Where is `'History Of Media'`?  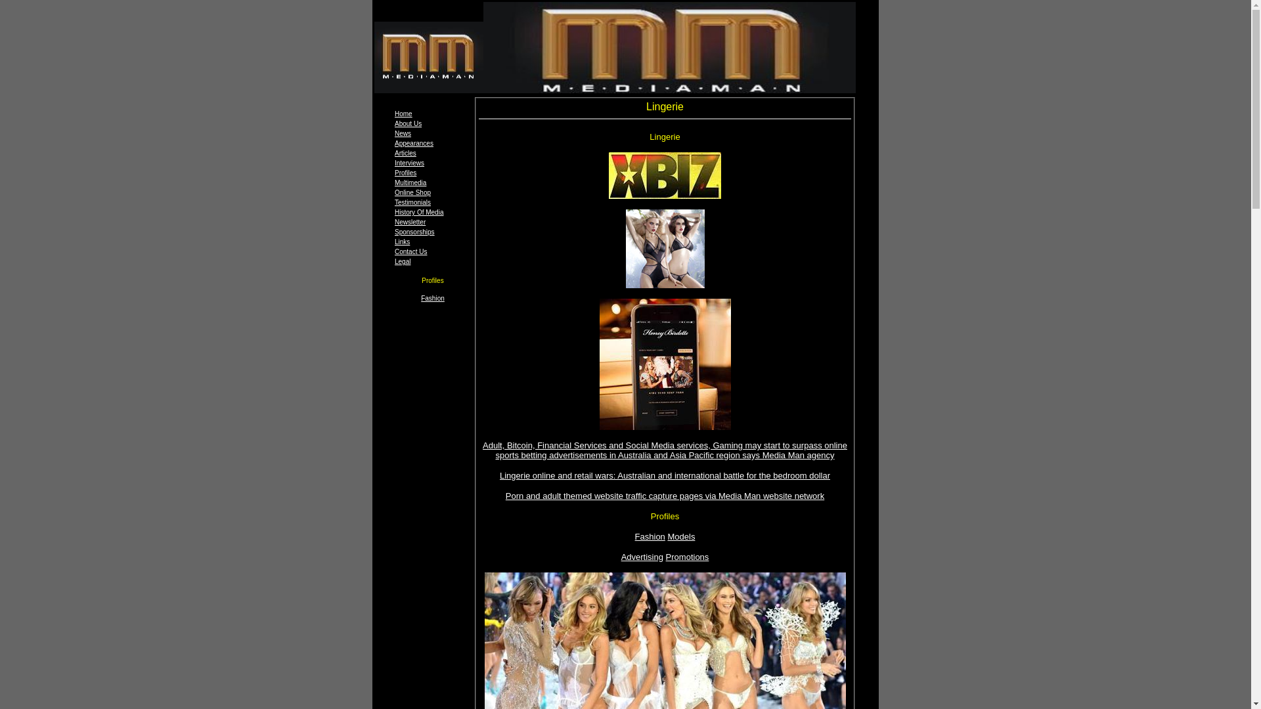
'History Of Media' is located at coordinates (418, 211).